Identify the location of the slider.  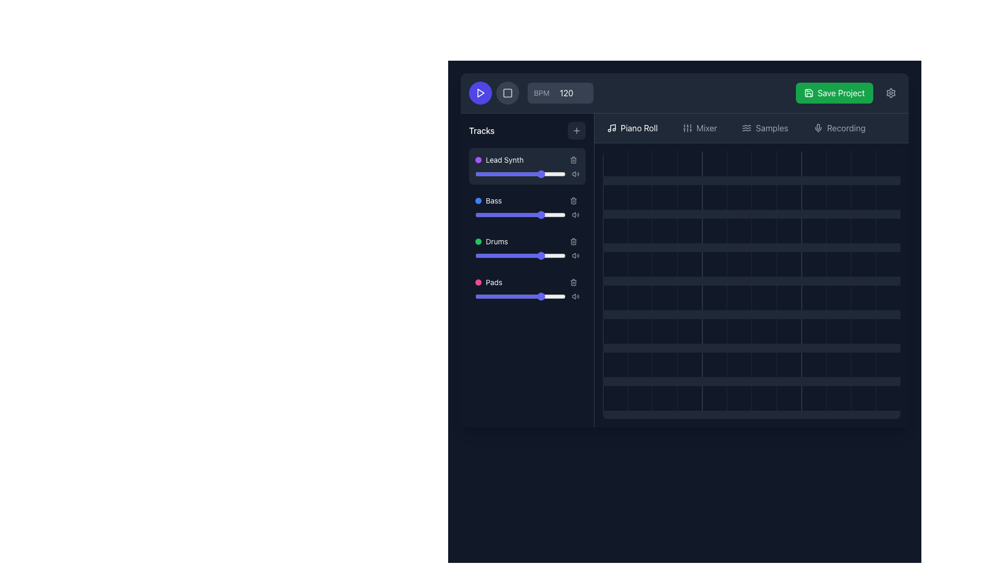
(562, 256).